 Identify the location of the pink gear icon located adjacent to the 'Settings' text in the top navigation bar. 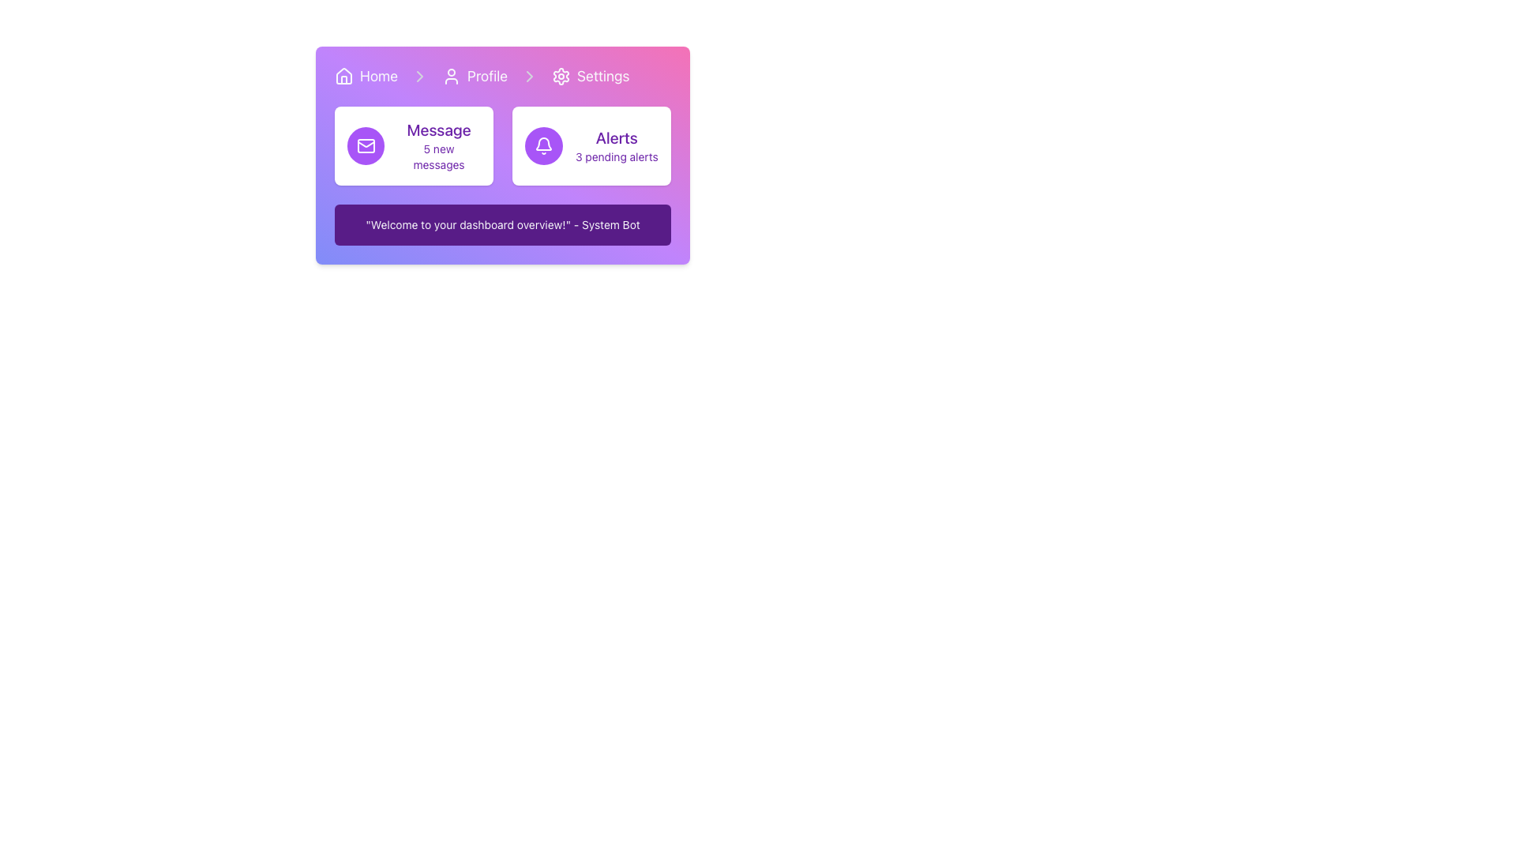
(561, 76).